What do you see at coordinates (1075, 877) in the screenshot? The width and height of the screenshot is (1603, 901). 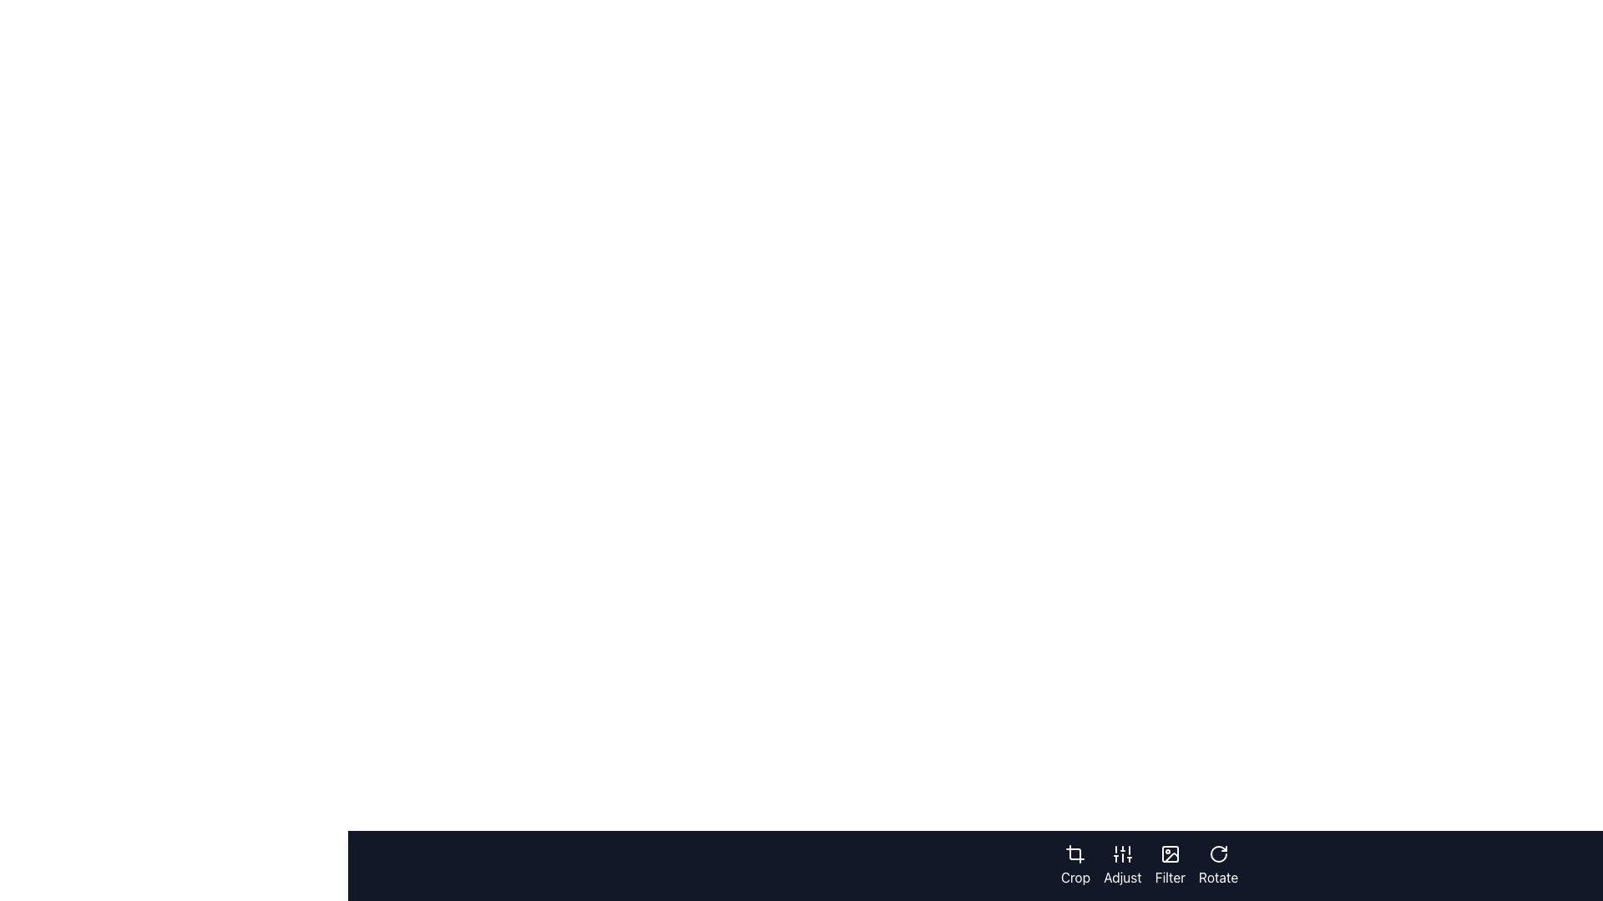 I see `text label displaying 'Crop', which is located at the bottom-most section of the interface within a dark-colored region, part of a horizontal toolbar` at bounding box center [1075, 877].